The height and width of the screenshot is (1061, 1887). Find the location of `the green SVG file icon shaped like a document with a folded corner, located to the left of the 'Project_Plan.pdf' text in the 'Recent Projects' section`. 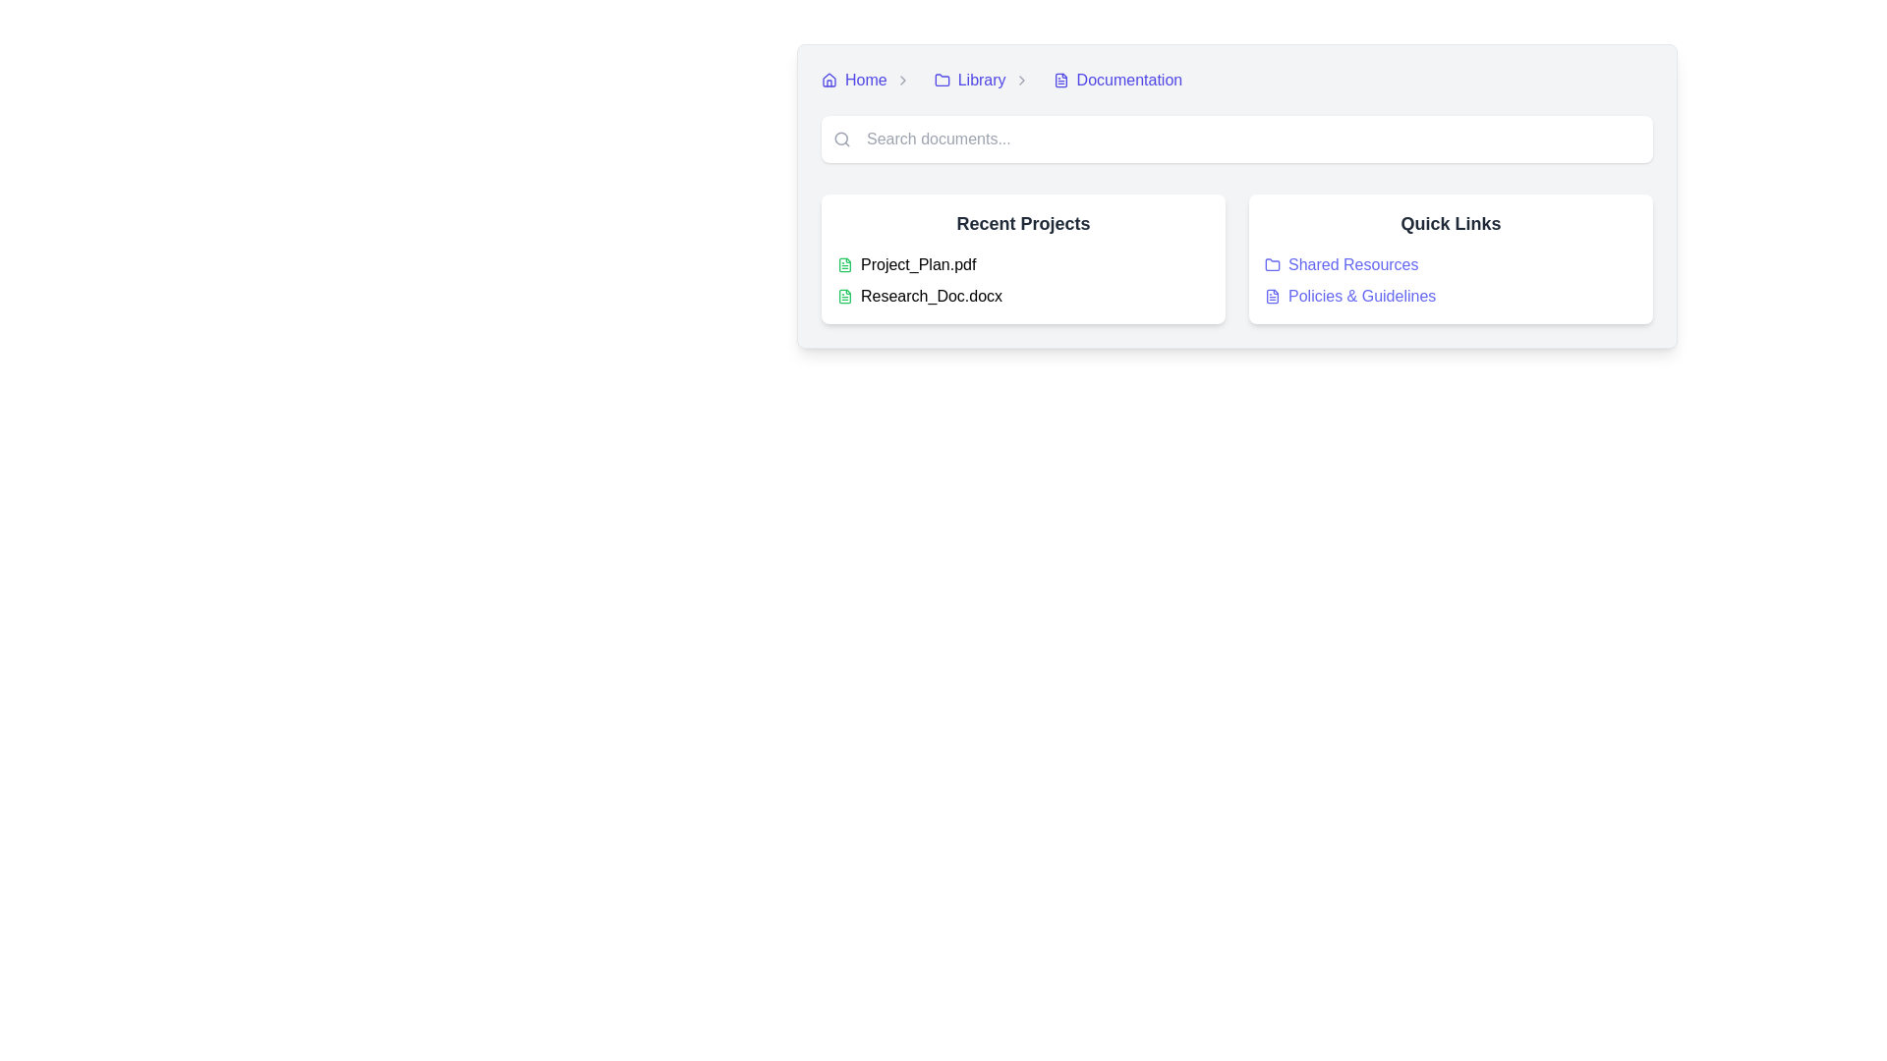

the green SVG file icon shaped like a document with a folded corner, located to the left of the 'Project_Plan.pdf' text in the 'Recent Projects' section is located at coordinates (844, 296).